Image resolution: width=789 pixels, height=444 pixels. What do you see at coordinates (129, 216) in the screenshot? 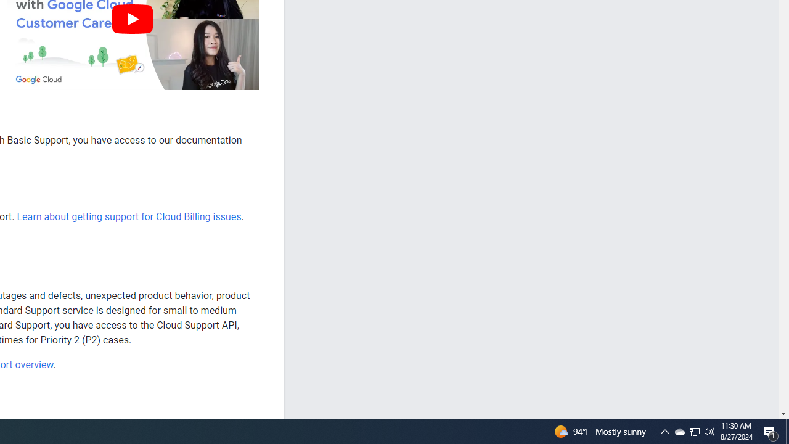
I see `'Learn about getting support for Cloud Billing issues'` at bounding box center [129, 216].